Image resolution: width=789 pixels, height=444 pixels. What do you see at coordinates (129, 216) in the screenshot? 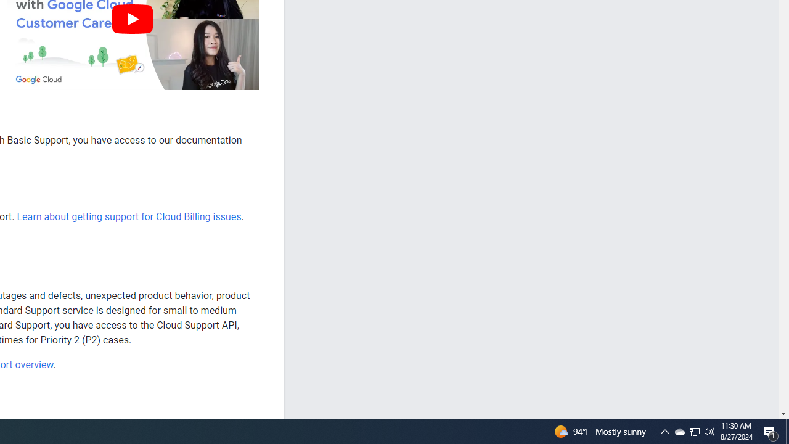
I see `'Learn about getting support for Cloud Billing issues'` at bounding box center [129, 216].